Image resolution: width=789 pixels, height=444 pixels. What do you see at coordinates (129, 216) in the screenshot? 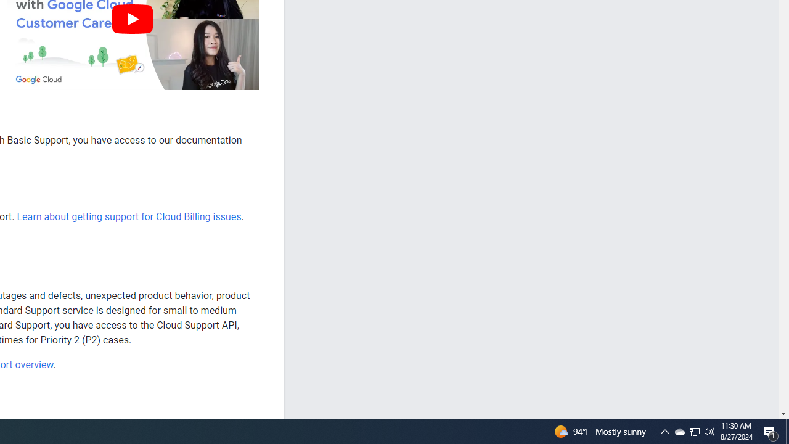
I see `'Learn about getting support for Cloud Billing issues'` at bounding box center [129, 216].